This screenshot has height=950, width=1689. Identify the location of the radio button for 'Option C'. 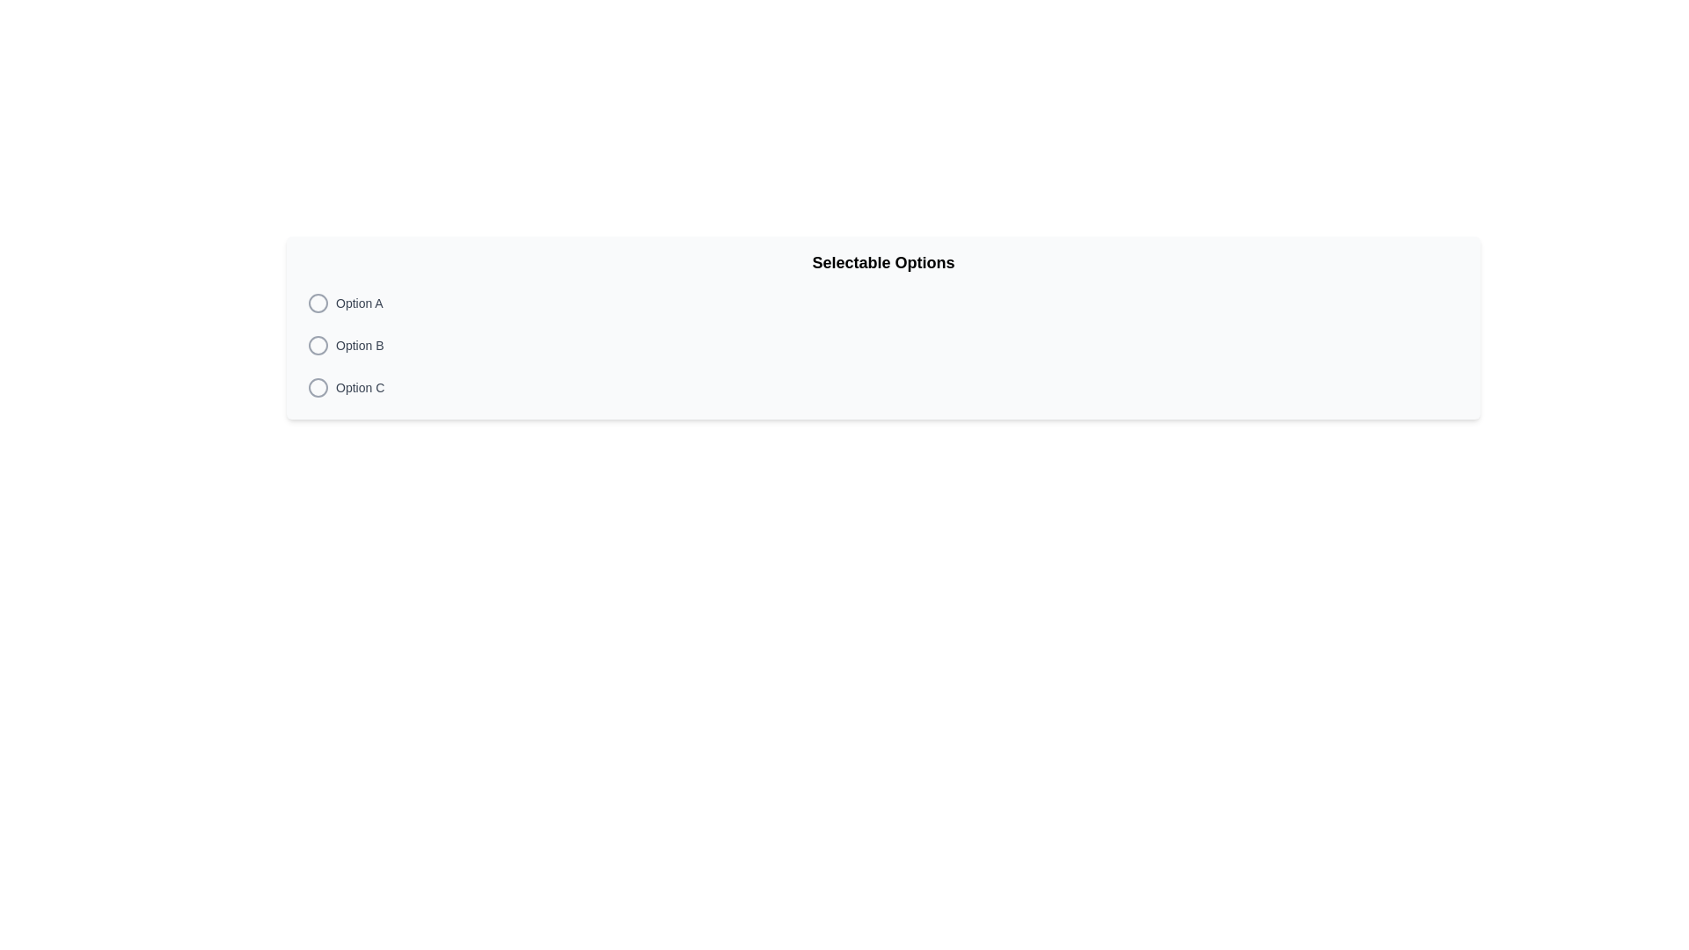
(318, 386).